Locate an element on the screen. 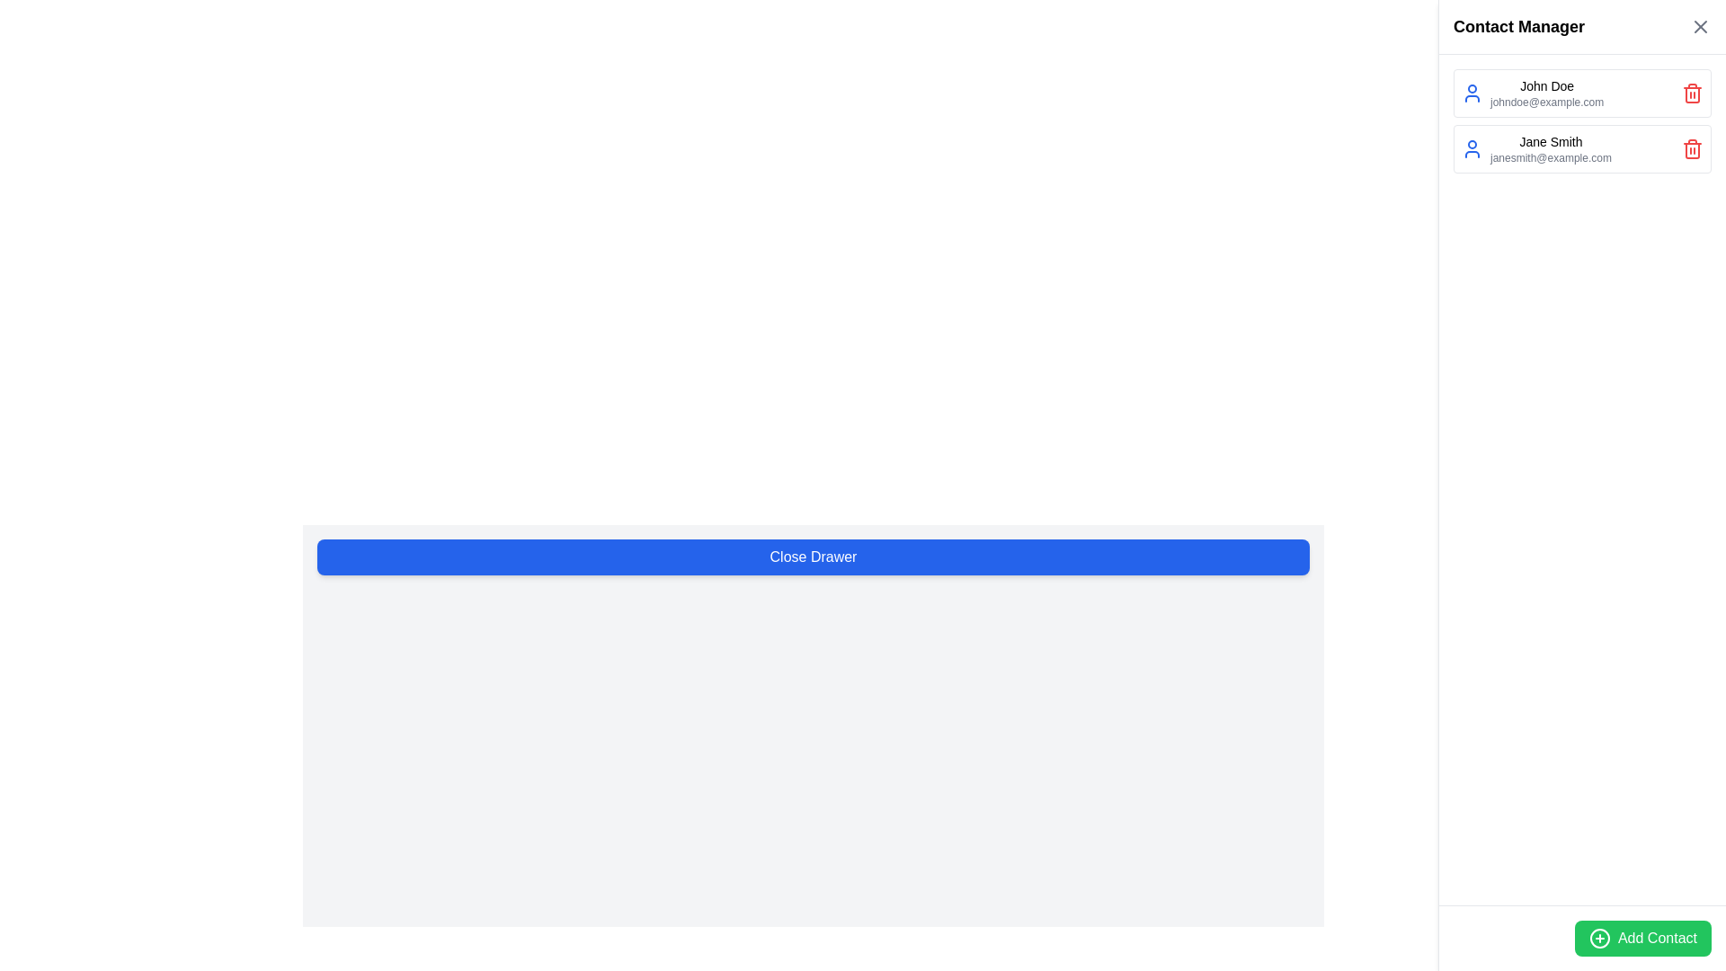 The height and width of the screenshot is (971, 1726). the close button icon located at the top-right corner of the 'Contact Manager' panel, which is part of the header controls is located at coordinates (1699, 27).